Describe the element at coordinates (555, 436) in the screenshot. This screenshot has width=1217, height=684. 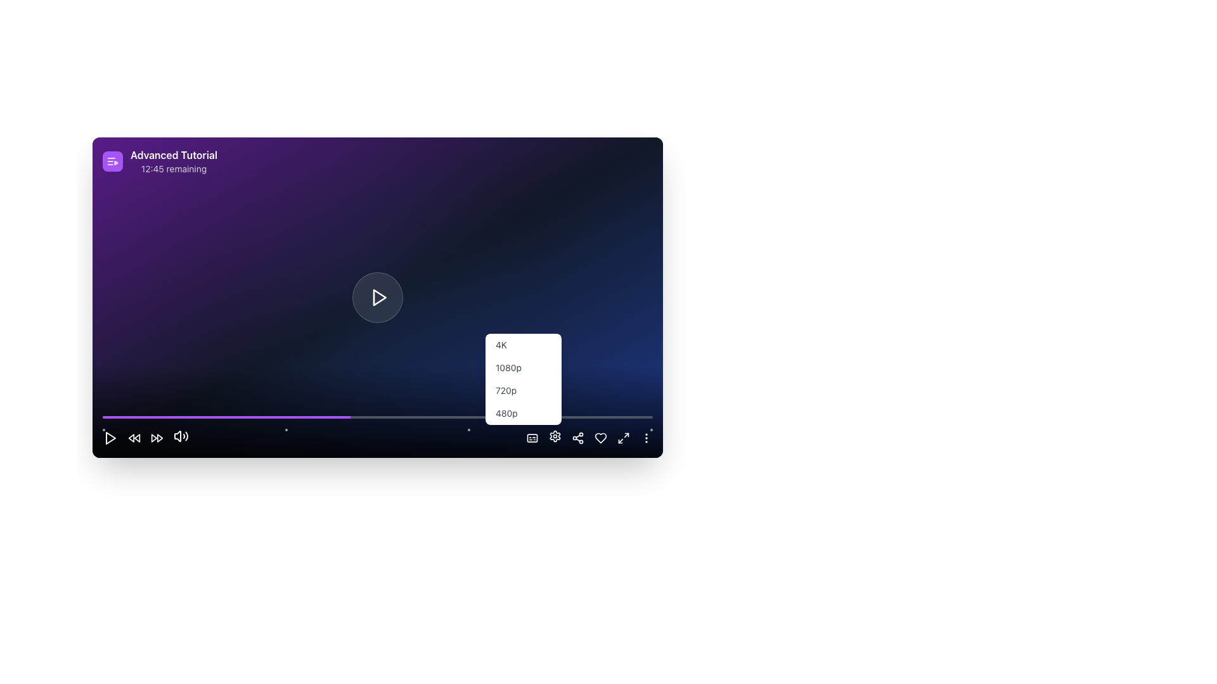
I see `the Settings Cogwheel icon located in the rightmost section of the bottom control bar` at that location.